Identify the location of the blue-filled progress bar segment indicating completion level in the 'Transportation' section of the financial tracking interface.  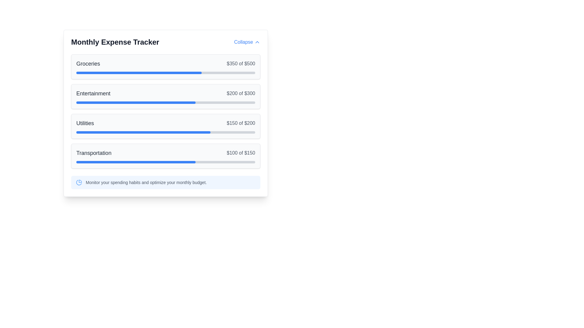
(135, 162).